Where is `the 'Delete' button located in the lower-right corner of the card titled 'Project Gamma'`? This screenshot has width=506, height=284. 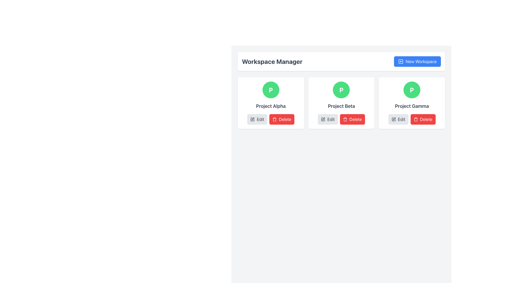
the 'Delete' button located in the lower-right corner of the card titled 'Project Gamma' is located at coordinates (412, 119).